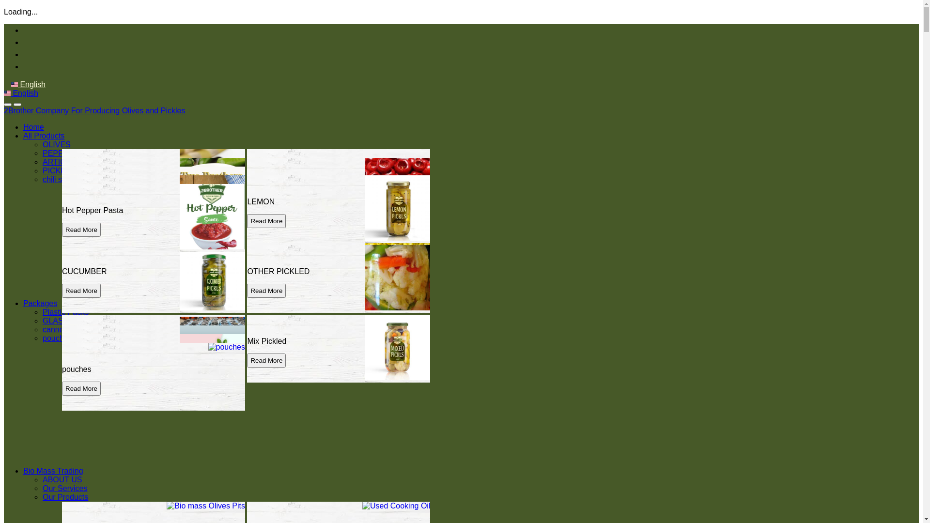 This screenshot has height=523, width=930. What do you see at coordinates (81, 362) in the screenshot?
I see `'Read More'` at bounding box center [81, 362].